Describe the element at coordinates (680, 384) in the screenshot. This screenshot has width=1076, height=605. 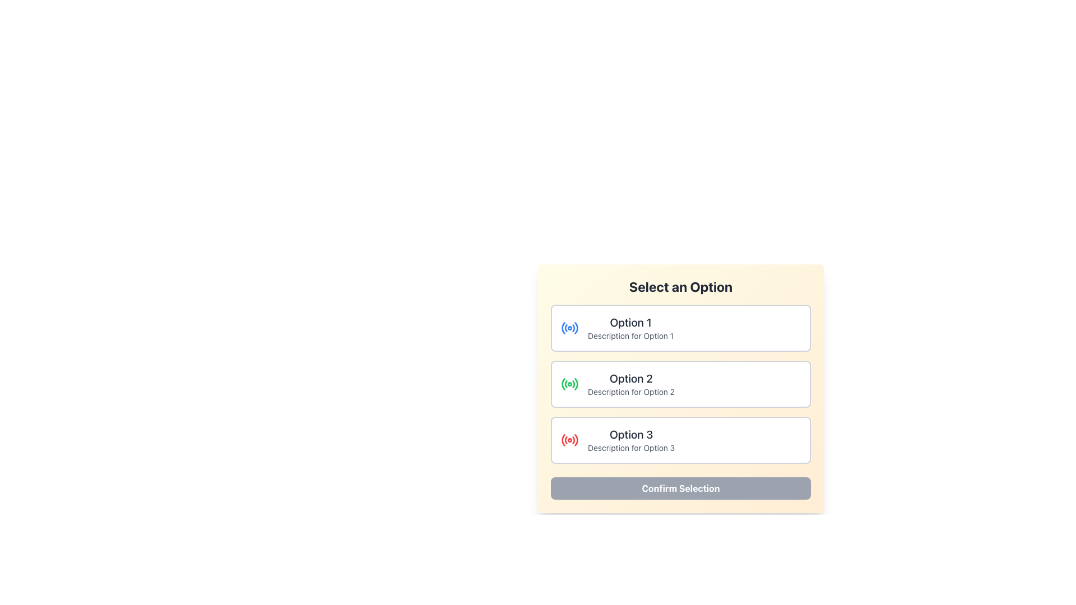
I see `the second Button-like card component in a vertically-stacked group of options` at that location.